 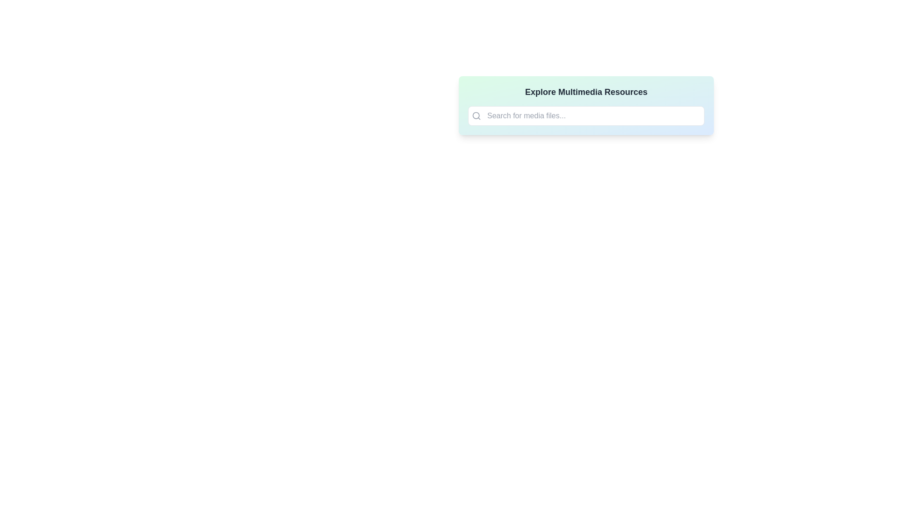 What do you see at coordinates (476, 115) in the screenshot?
I see `the circular magnifying glass icon representing a search action, located to the left of the search input field in the 'Explore Multimedia Resources' card` at bounding box center [476, 115].